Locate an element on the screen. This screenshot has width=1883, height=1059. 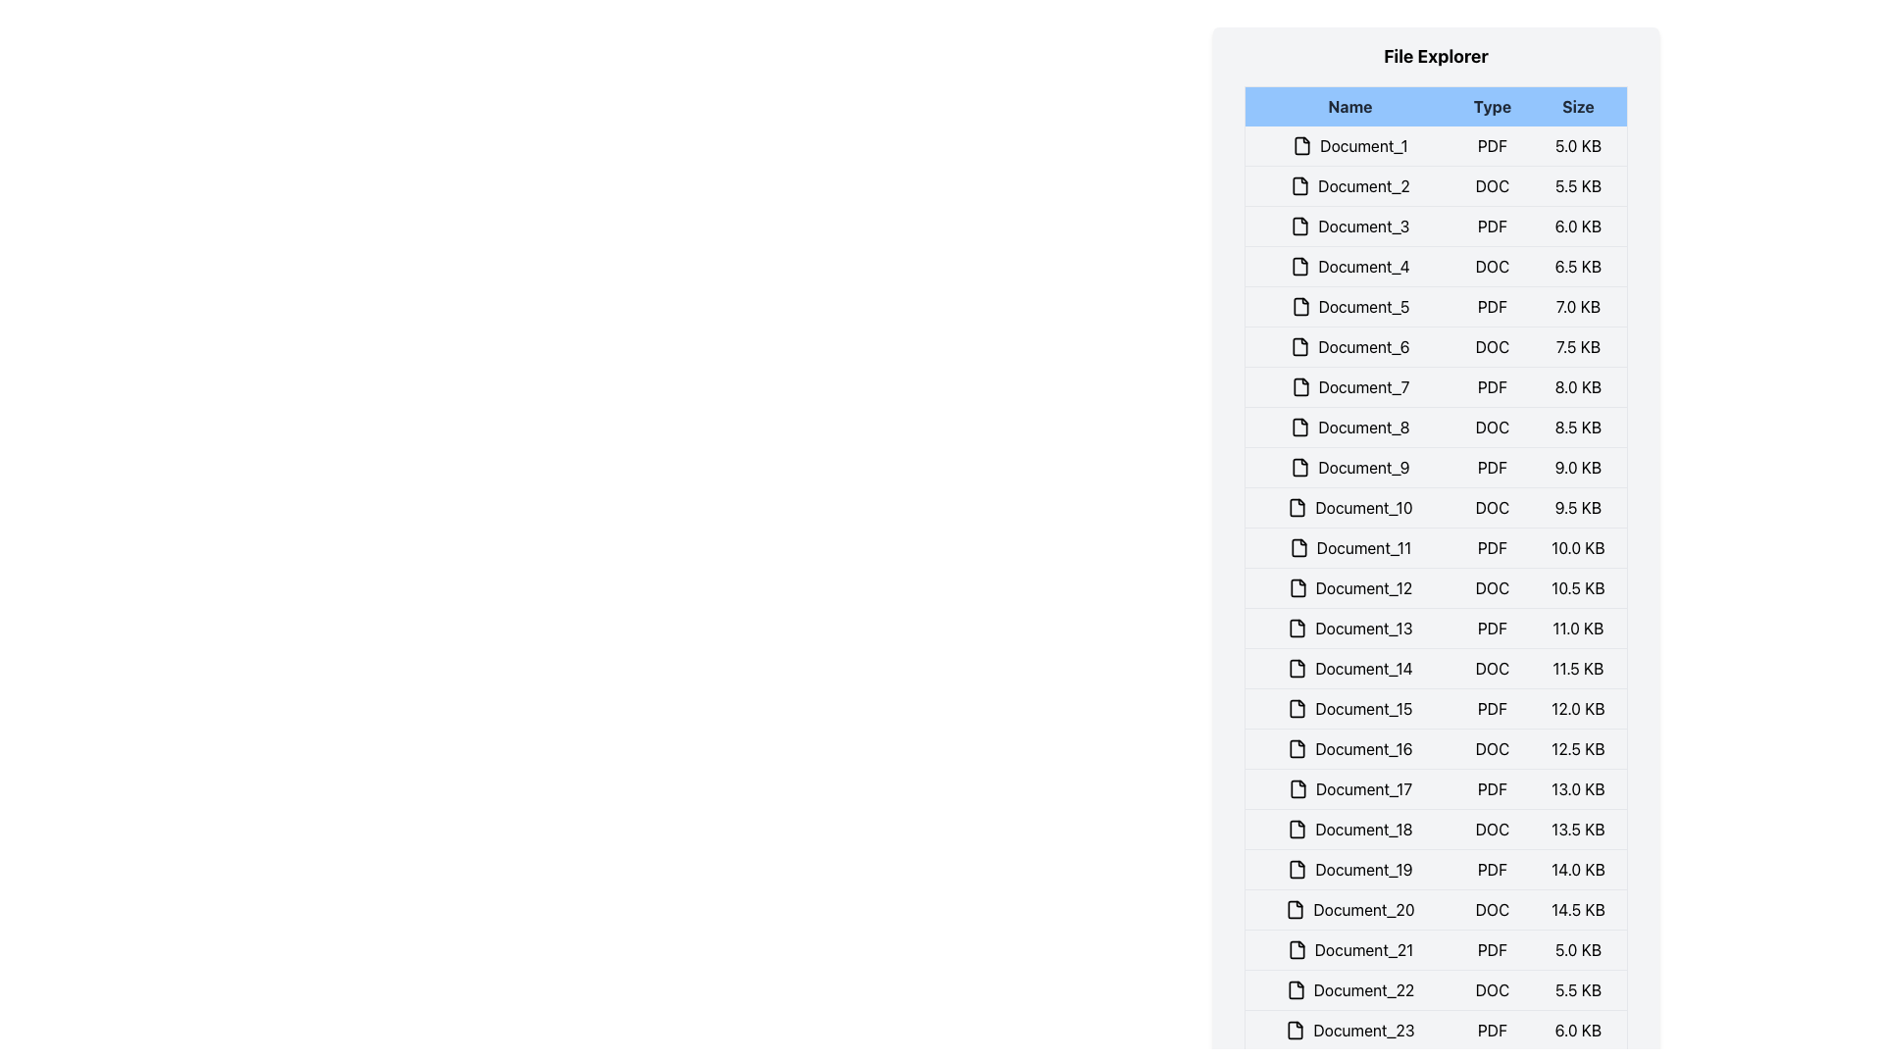
the Text label that indicates the file type for 'Document_5', which is positioned between 'Document_5' and '7.0 KB' is located at coordinates (1491, 306).